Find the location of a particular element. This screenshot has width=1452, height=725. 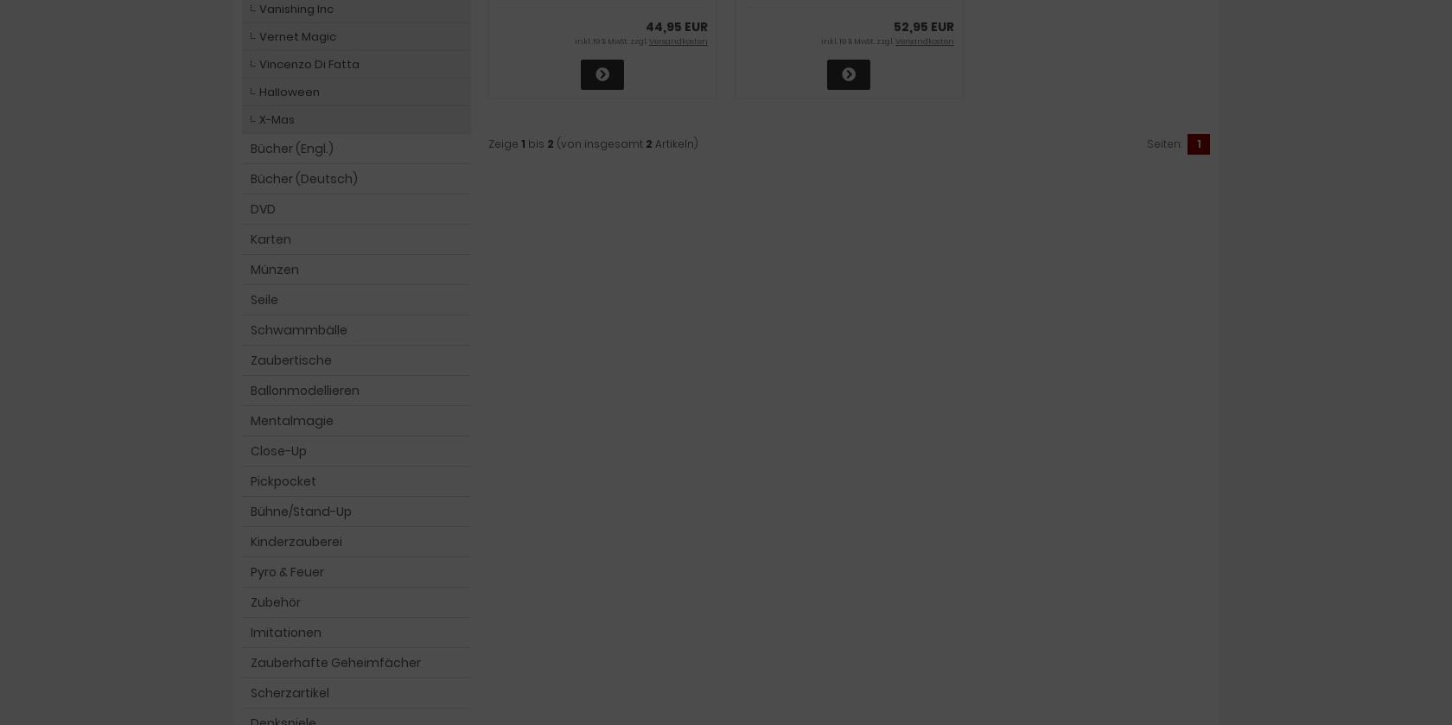

'(von insgesamt' is located at coordinates (600, 143).